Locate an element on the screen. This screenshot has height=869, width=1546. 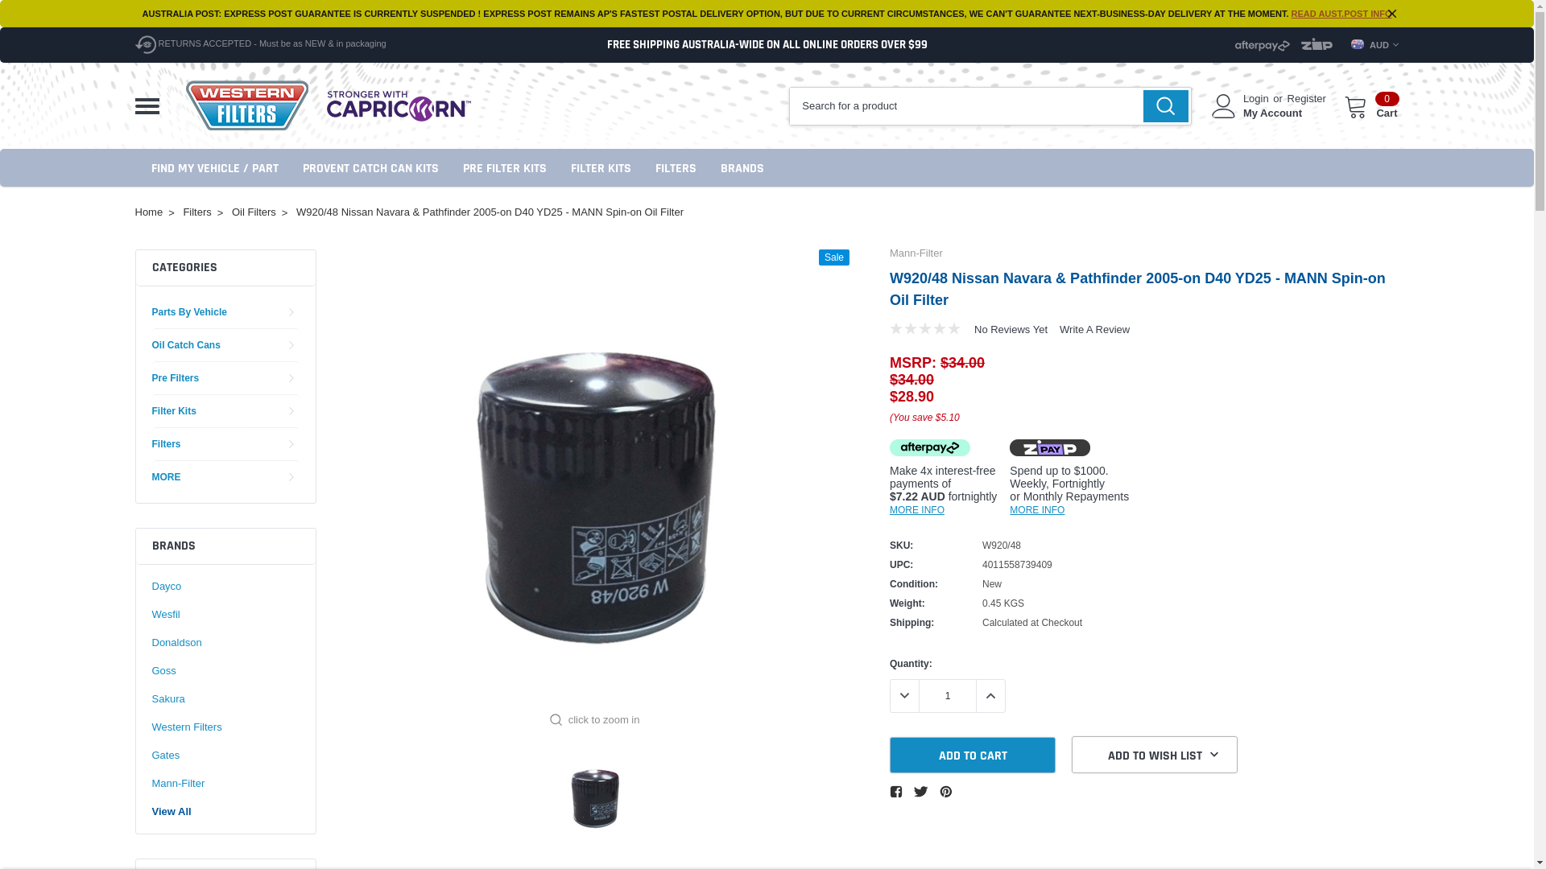
'My Account' is located at coordinates (1242, 113).